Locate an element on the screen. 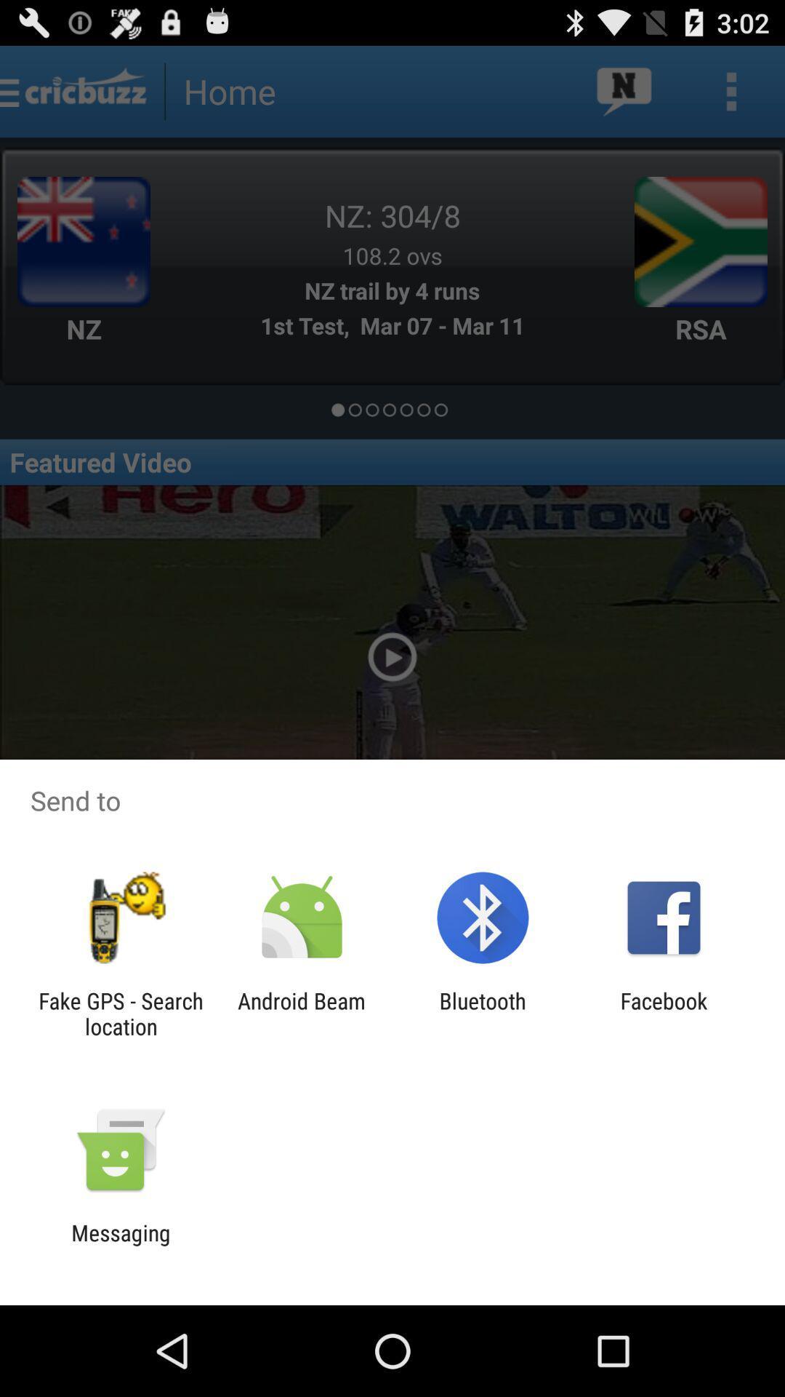  bluetooth item is located at coordinates (483, 1013).